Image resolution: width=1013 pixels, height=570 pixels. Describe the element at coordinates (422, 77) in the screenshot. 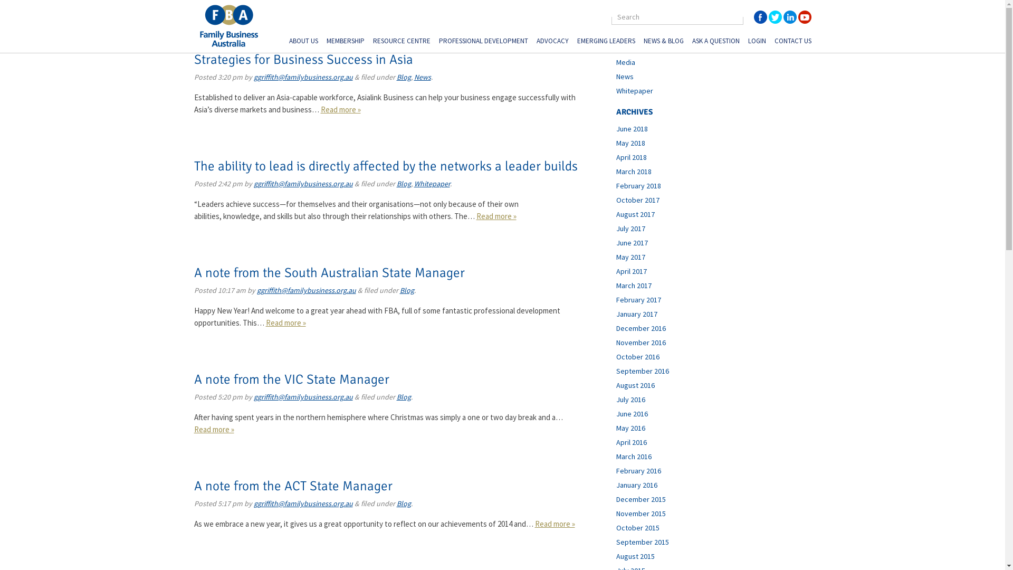

I see `'News'` at that location.